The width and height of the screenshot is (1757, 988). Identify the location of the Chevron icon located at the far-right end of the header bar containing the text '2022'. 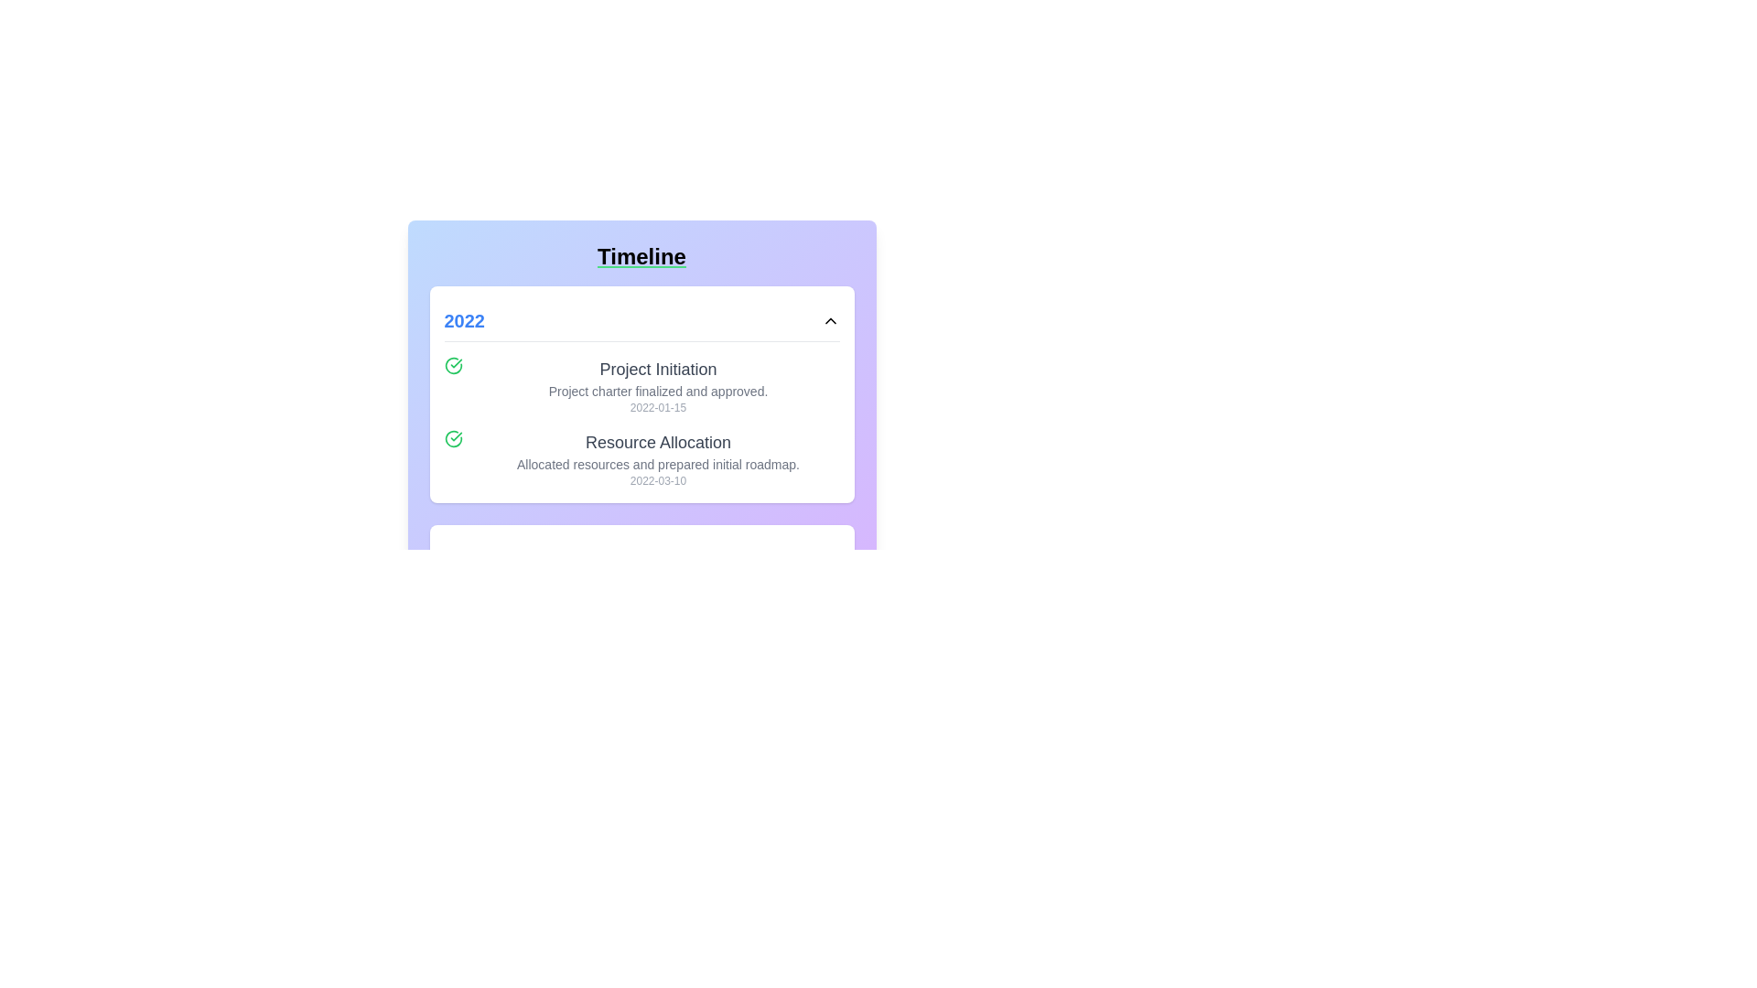
(829, 320).